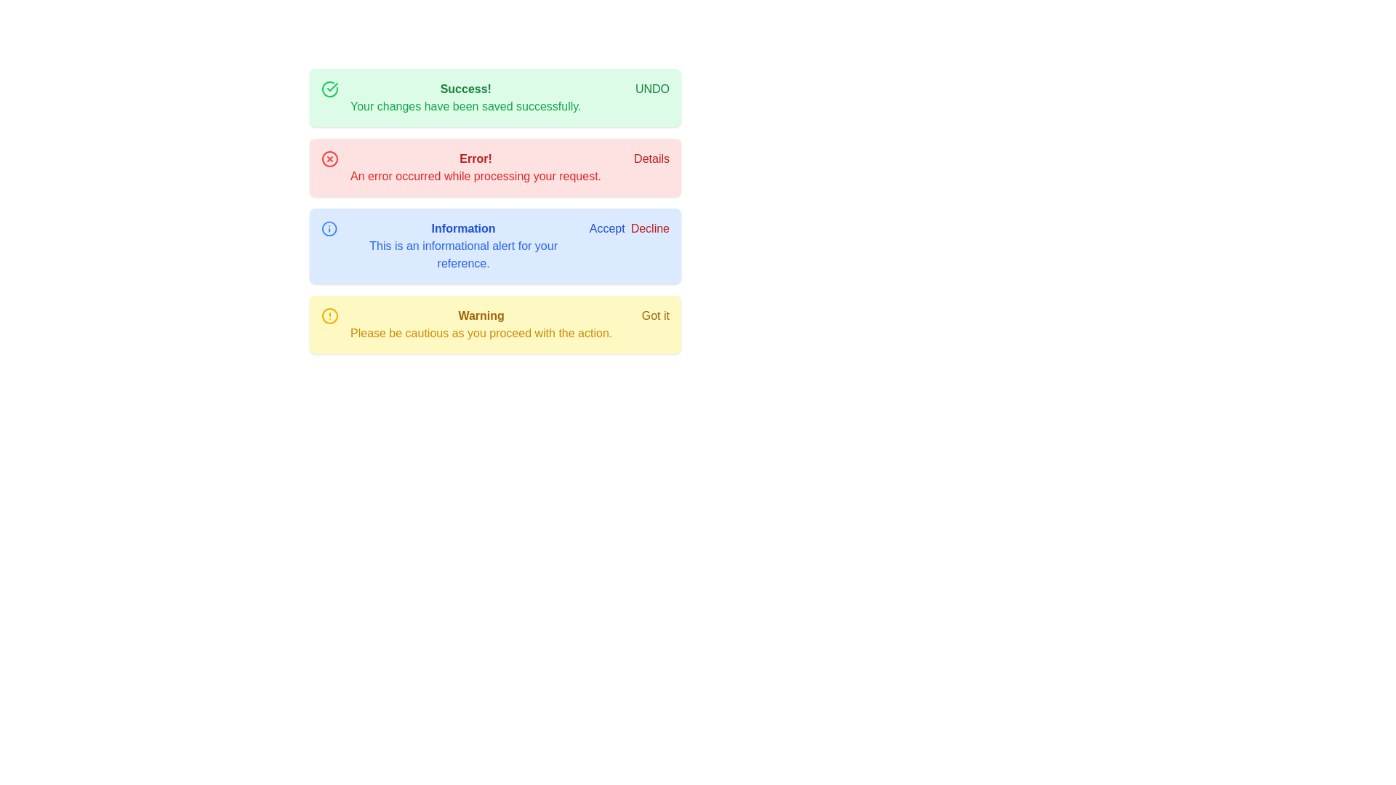  What do you see at coordinates (476, 167) in the screenshot?
I see `error message displayed in the text label that shows 'Error!' in bold red text and 'An error occurred while processing your request.' below it` at bounding box center [476, 167].